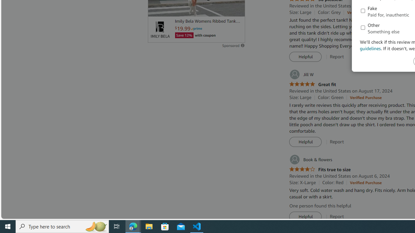 This screenshot has width=415, height=233. I want to click on 'Report', so click(337, 216).